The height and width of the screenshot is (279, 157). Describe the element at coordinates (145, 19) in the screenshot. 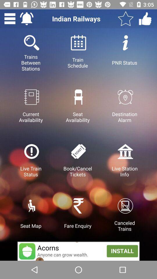

I see `like` at that location.